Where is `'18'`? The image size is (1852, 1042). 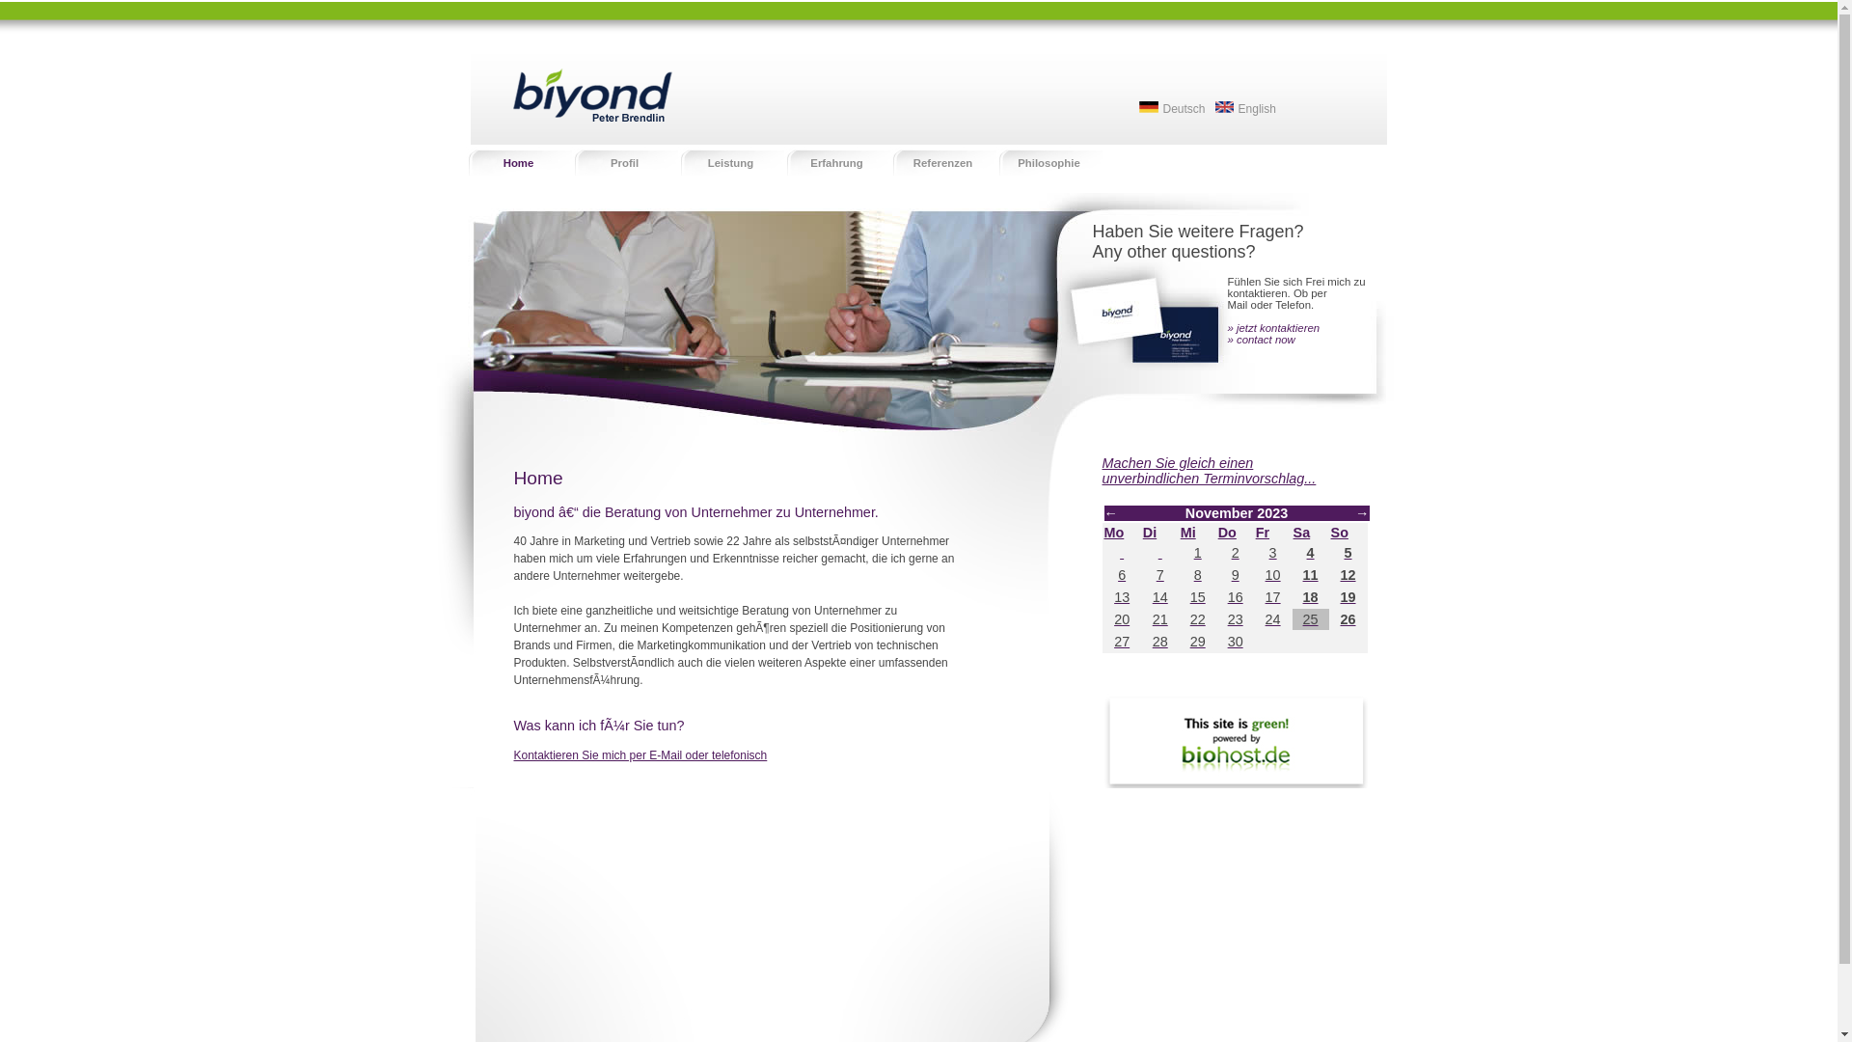
'18' is located at coordinates (1310, 595).